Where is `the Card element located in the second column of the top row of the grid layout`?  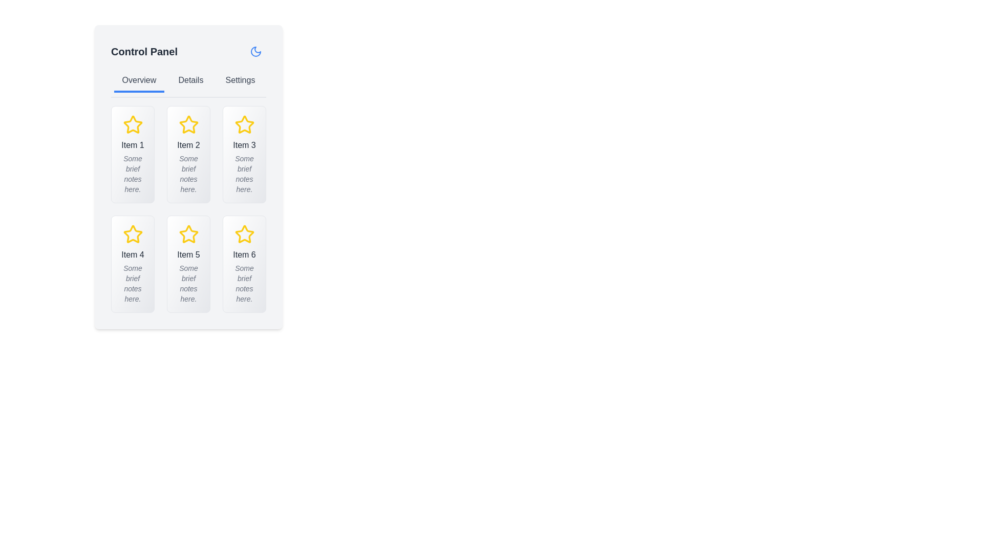
the Card element located in the second column of the top row of the grid layout is located at coordinates (188, 154).